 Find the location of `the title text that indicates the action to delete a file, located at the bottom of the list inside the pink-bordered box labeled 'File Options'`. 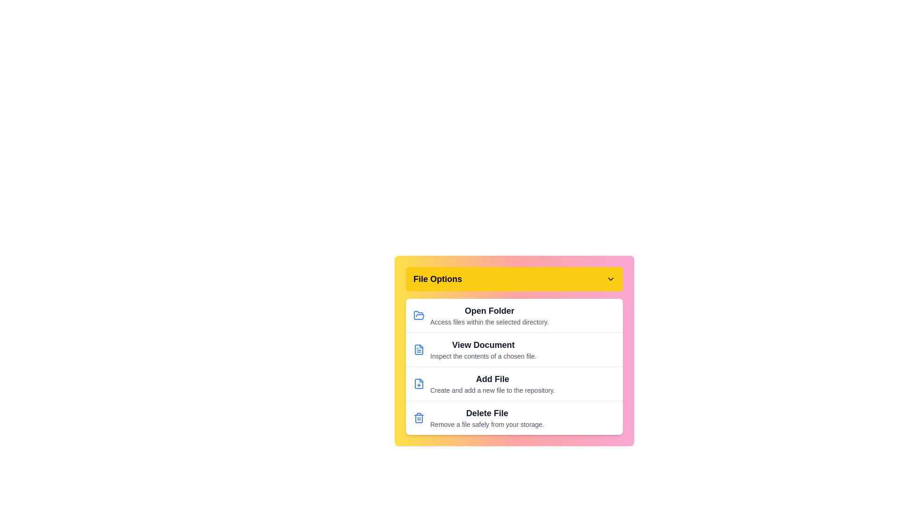

the title text that indicates the action to delete a file, located at the bottom of the list inside the pink-bordered box labeled 'File Options' is located at coordinates (486, 412).